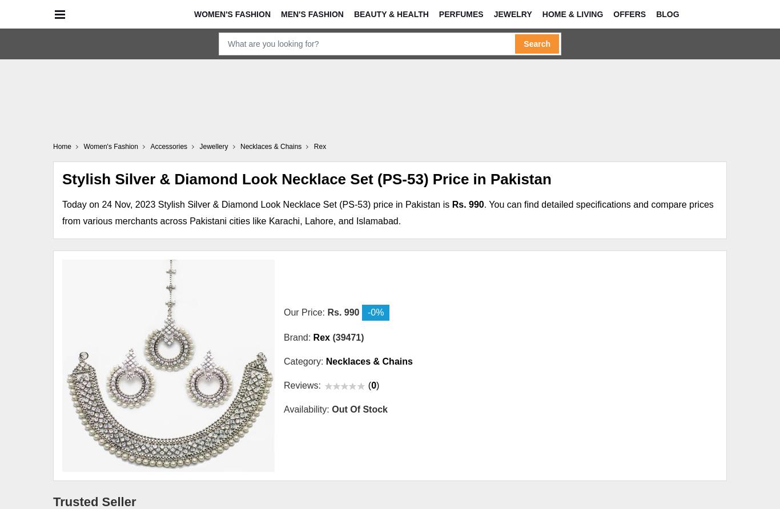 This screenshot has height=509, width=780. Describe the element at coordinates (460, 14) in the screenshot. I see `'Perfumes'` at that location.